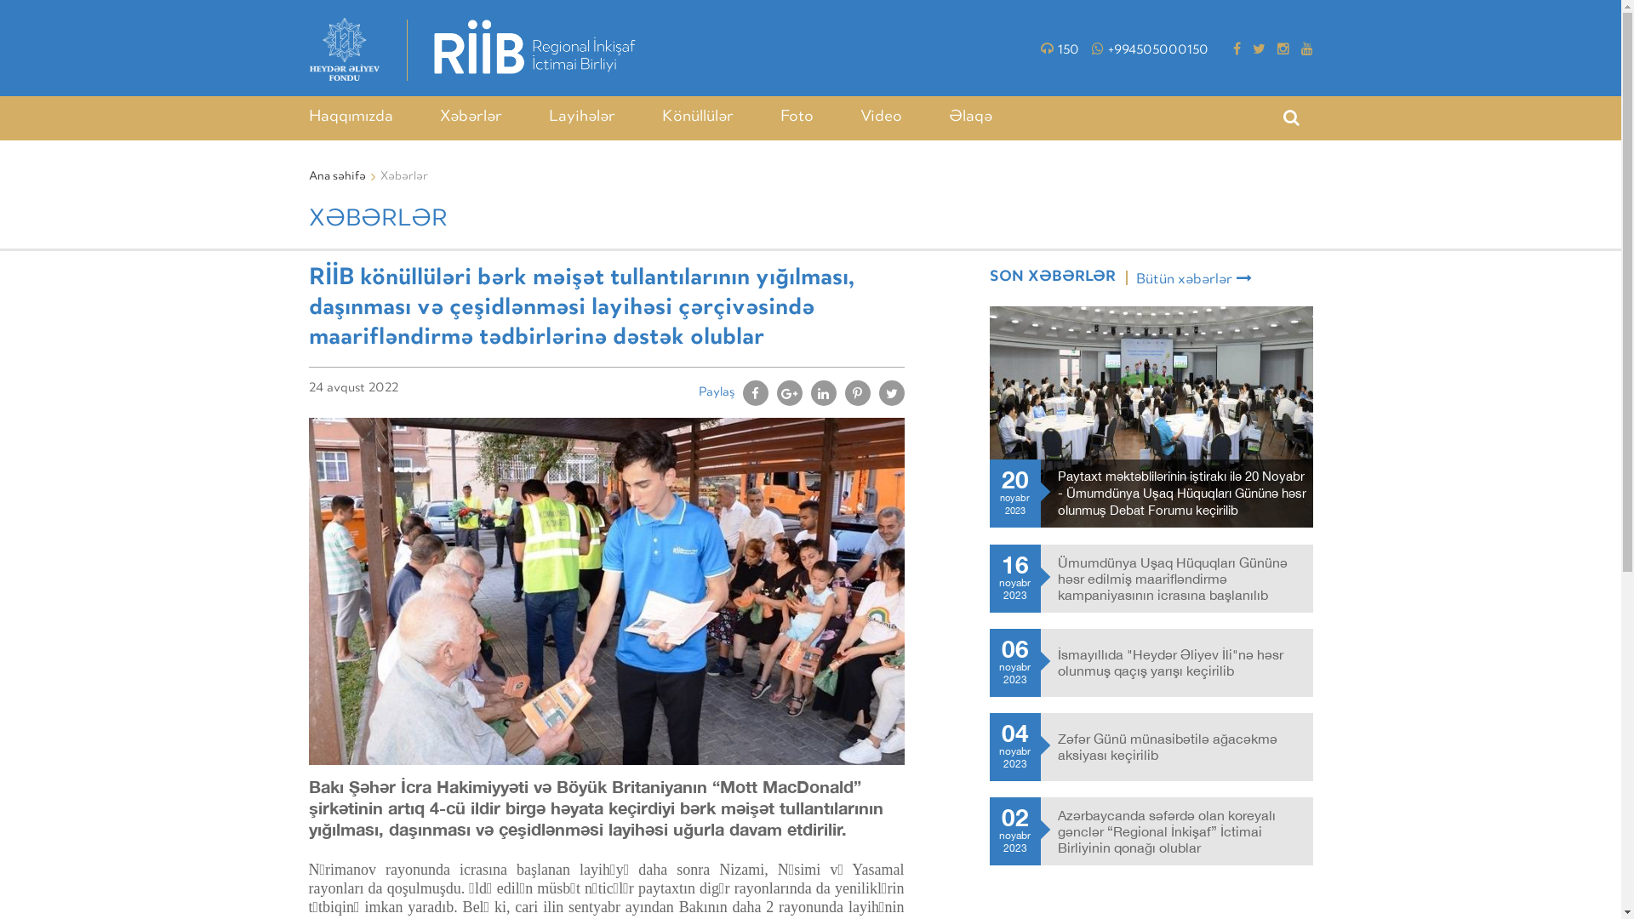 The width and height of the screenshot is (1634, 919). What do you see at coordinates (880, 117) in the screenshot?
I see `'Video'` at bounding box center [880, 117].